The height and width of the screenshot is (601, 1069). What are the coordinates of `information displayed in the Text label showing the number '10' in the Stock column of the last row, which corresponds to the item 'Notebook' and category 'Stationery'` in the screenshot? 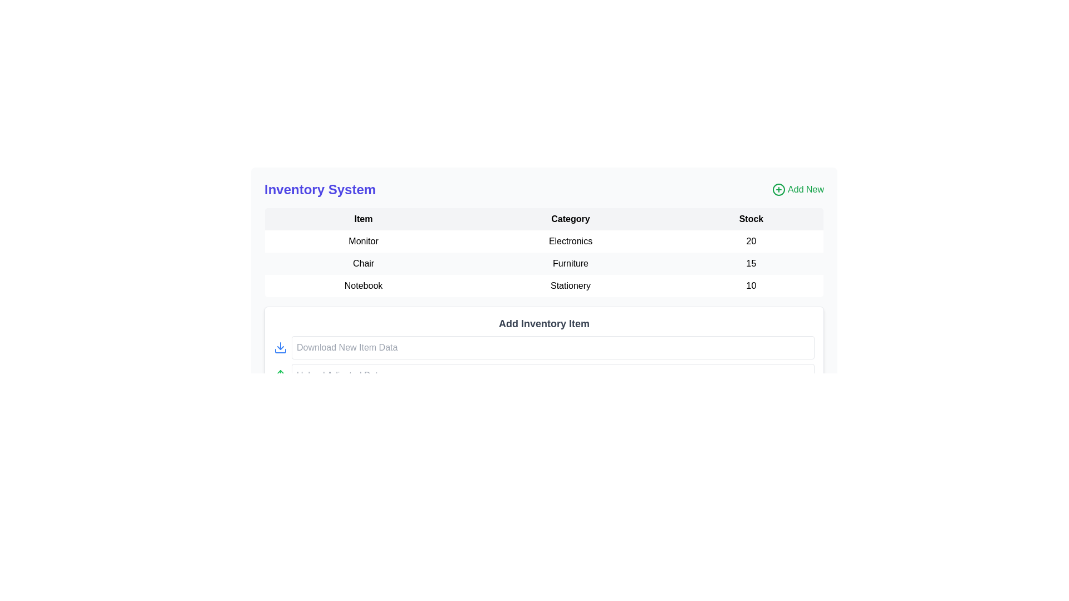 It's located at (751, 285).